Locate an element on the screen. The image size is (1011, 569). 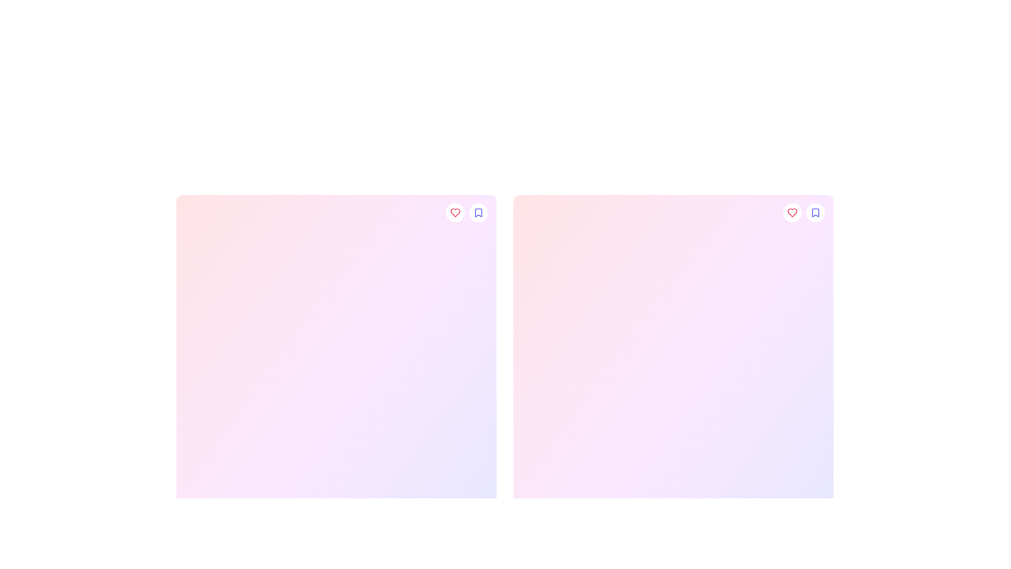
the bookmark icon located at the top-right corner of the left card is located at coordinates (478, 213).